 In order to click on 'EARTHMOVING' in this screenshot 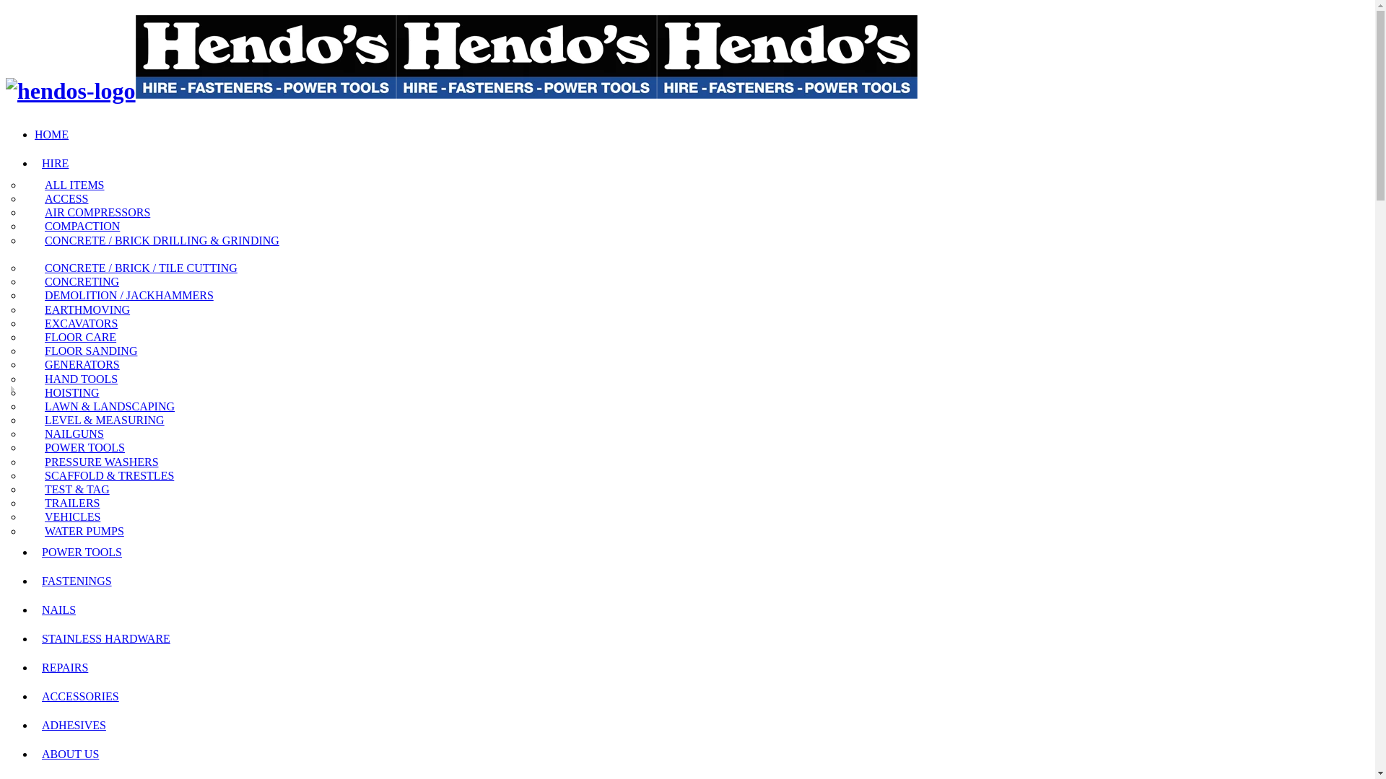, I will do `click(23, 309)`.